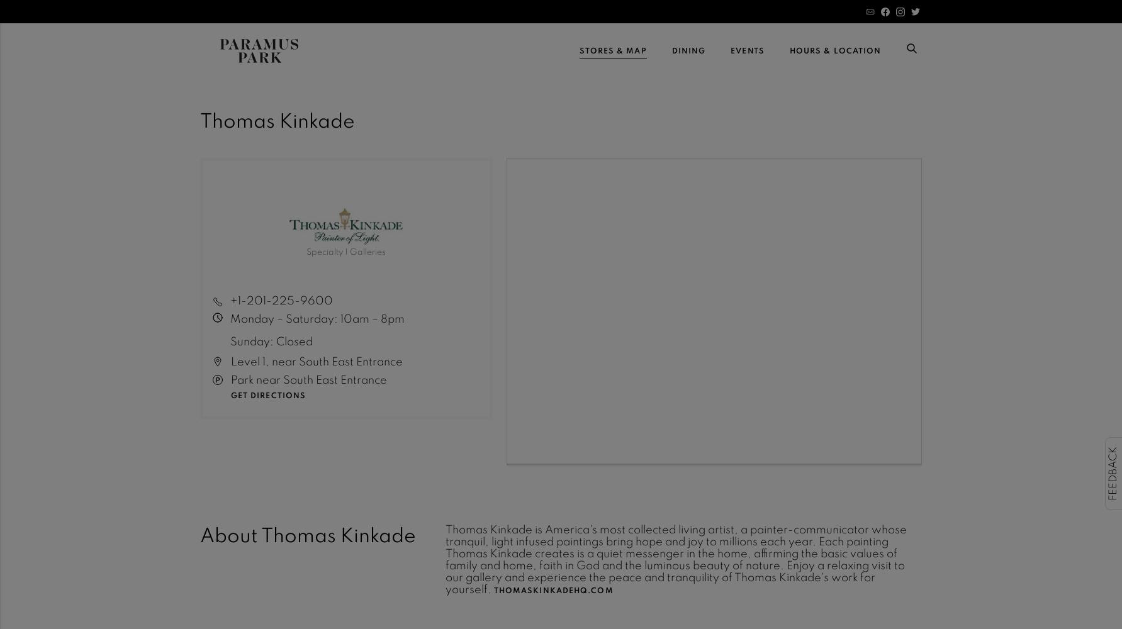 The image size is (1122, 629). Describe the element at coordinates (230, 362) in the screenshot. I see `'Level 1, near South East Entrance'` at that location.